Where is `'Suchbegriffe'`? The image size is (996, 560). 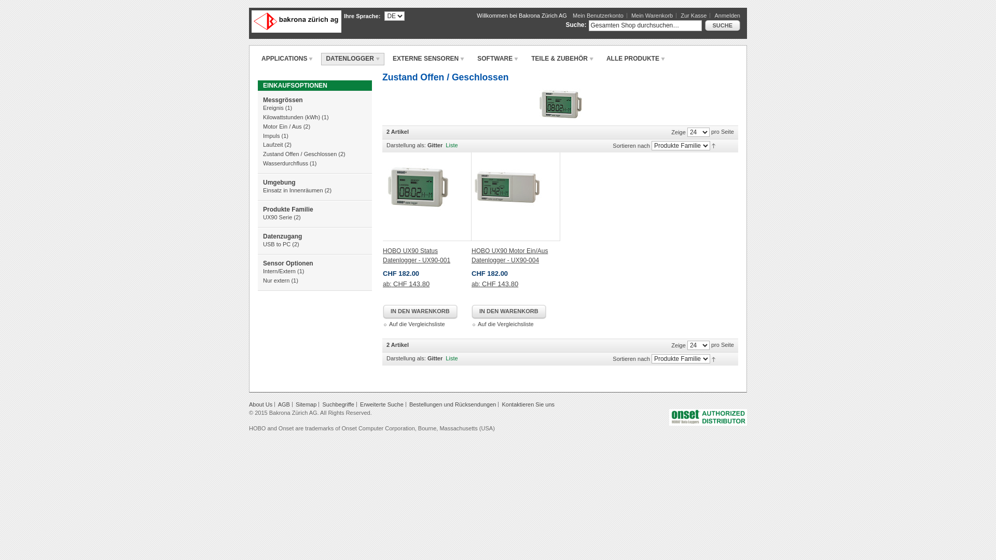 'Suchbegriffe' is located at coordinates (338, 403).